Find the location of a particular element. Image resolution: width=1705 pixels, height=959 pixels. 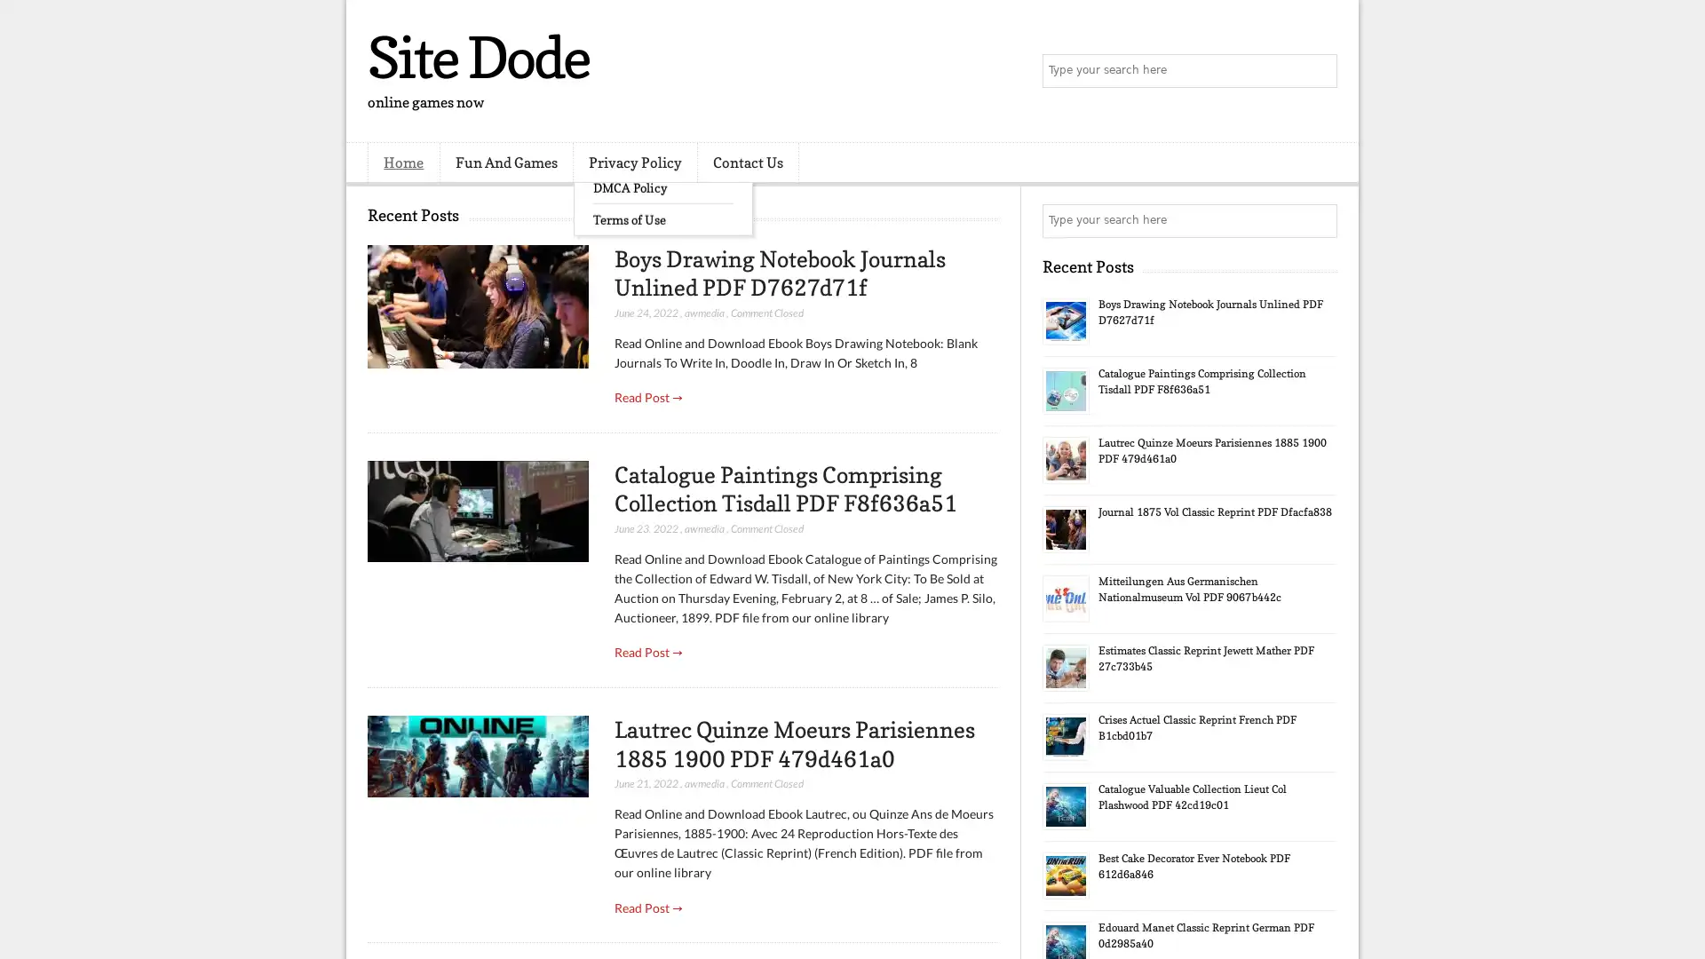

Search is located at coordinates (1319, 220).